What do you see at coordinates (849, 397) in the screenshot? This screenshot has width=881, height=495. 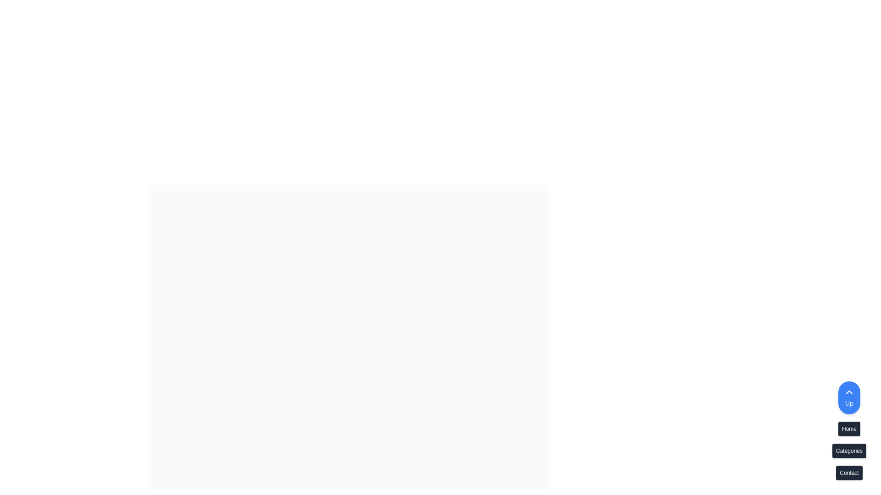 I see `the circular blue button labeled 'Up' with an upward arrow icon` at bounding box center [849, 397].